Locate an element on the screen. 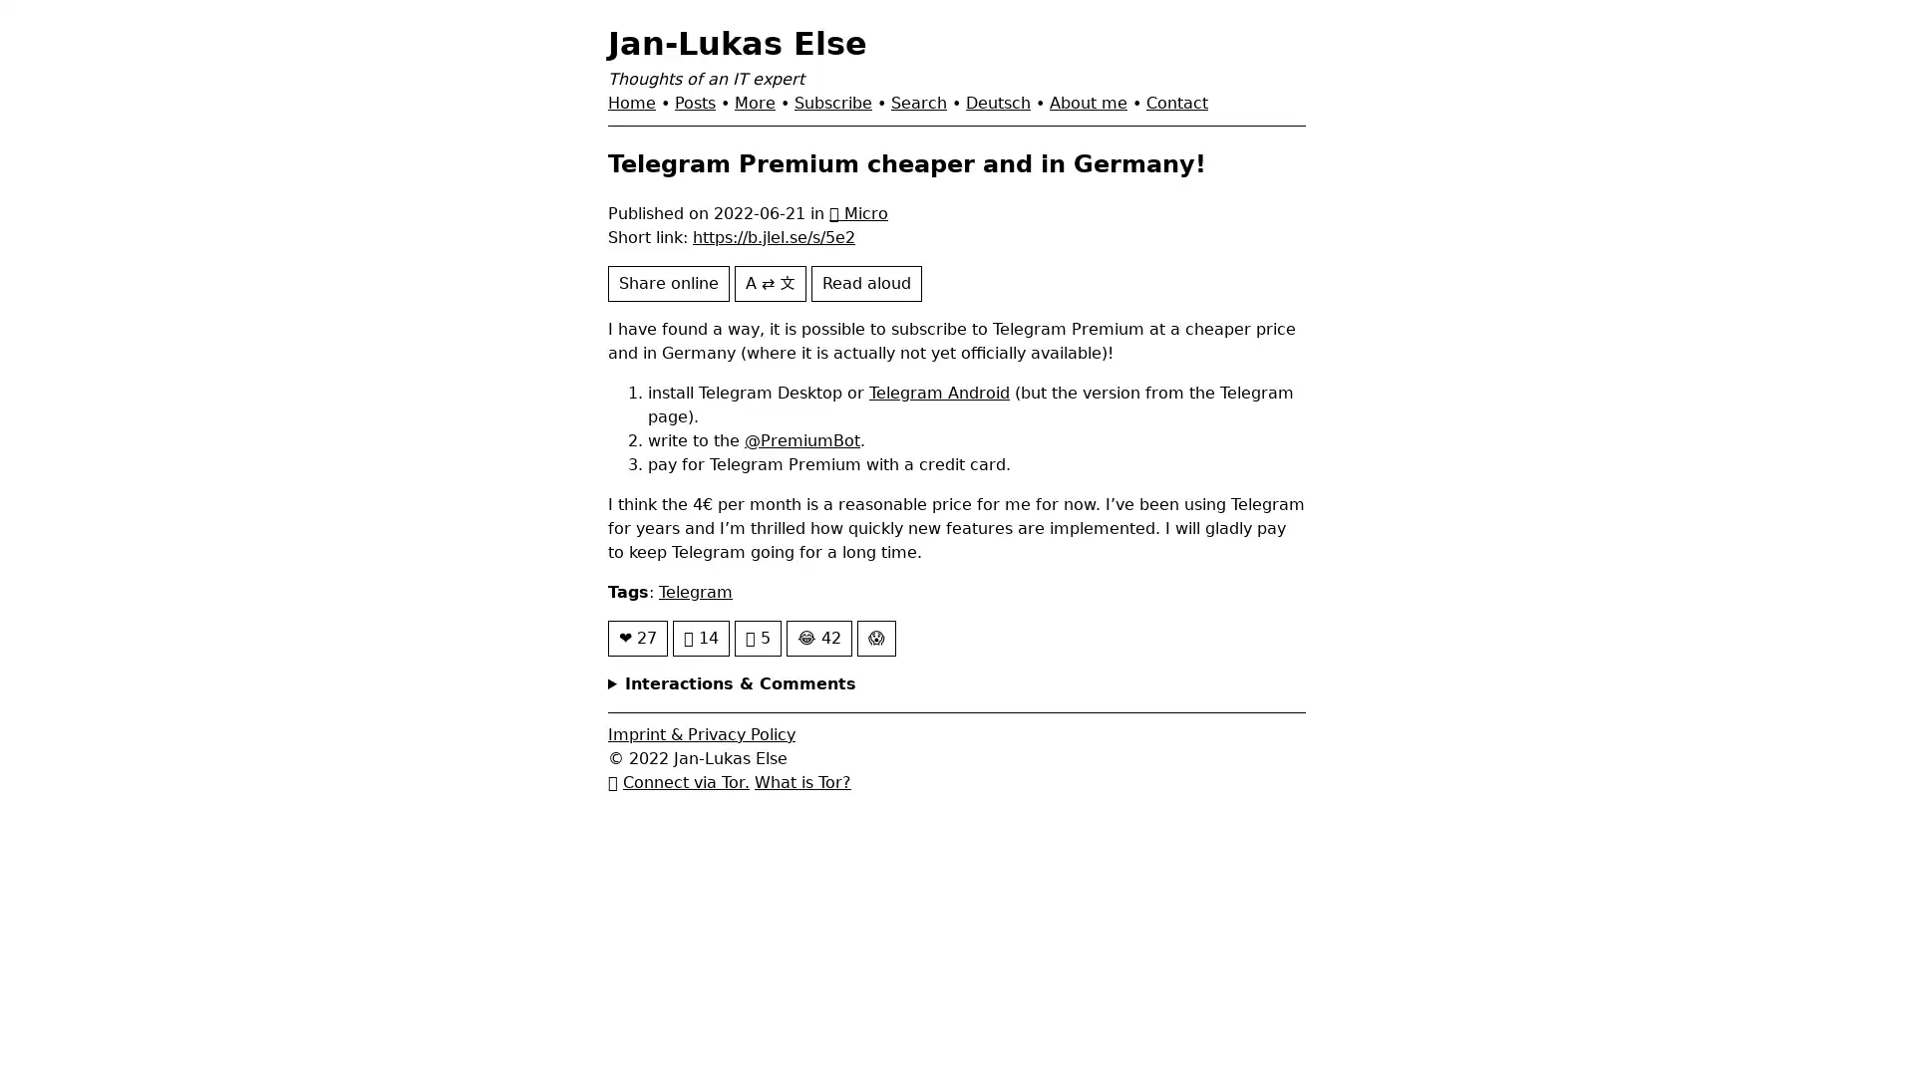  27 is located at coordinates (636, 638).